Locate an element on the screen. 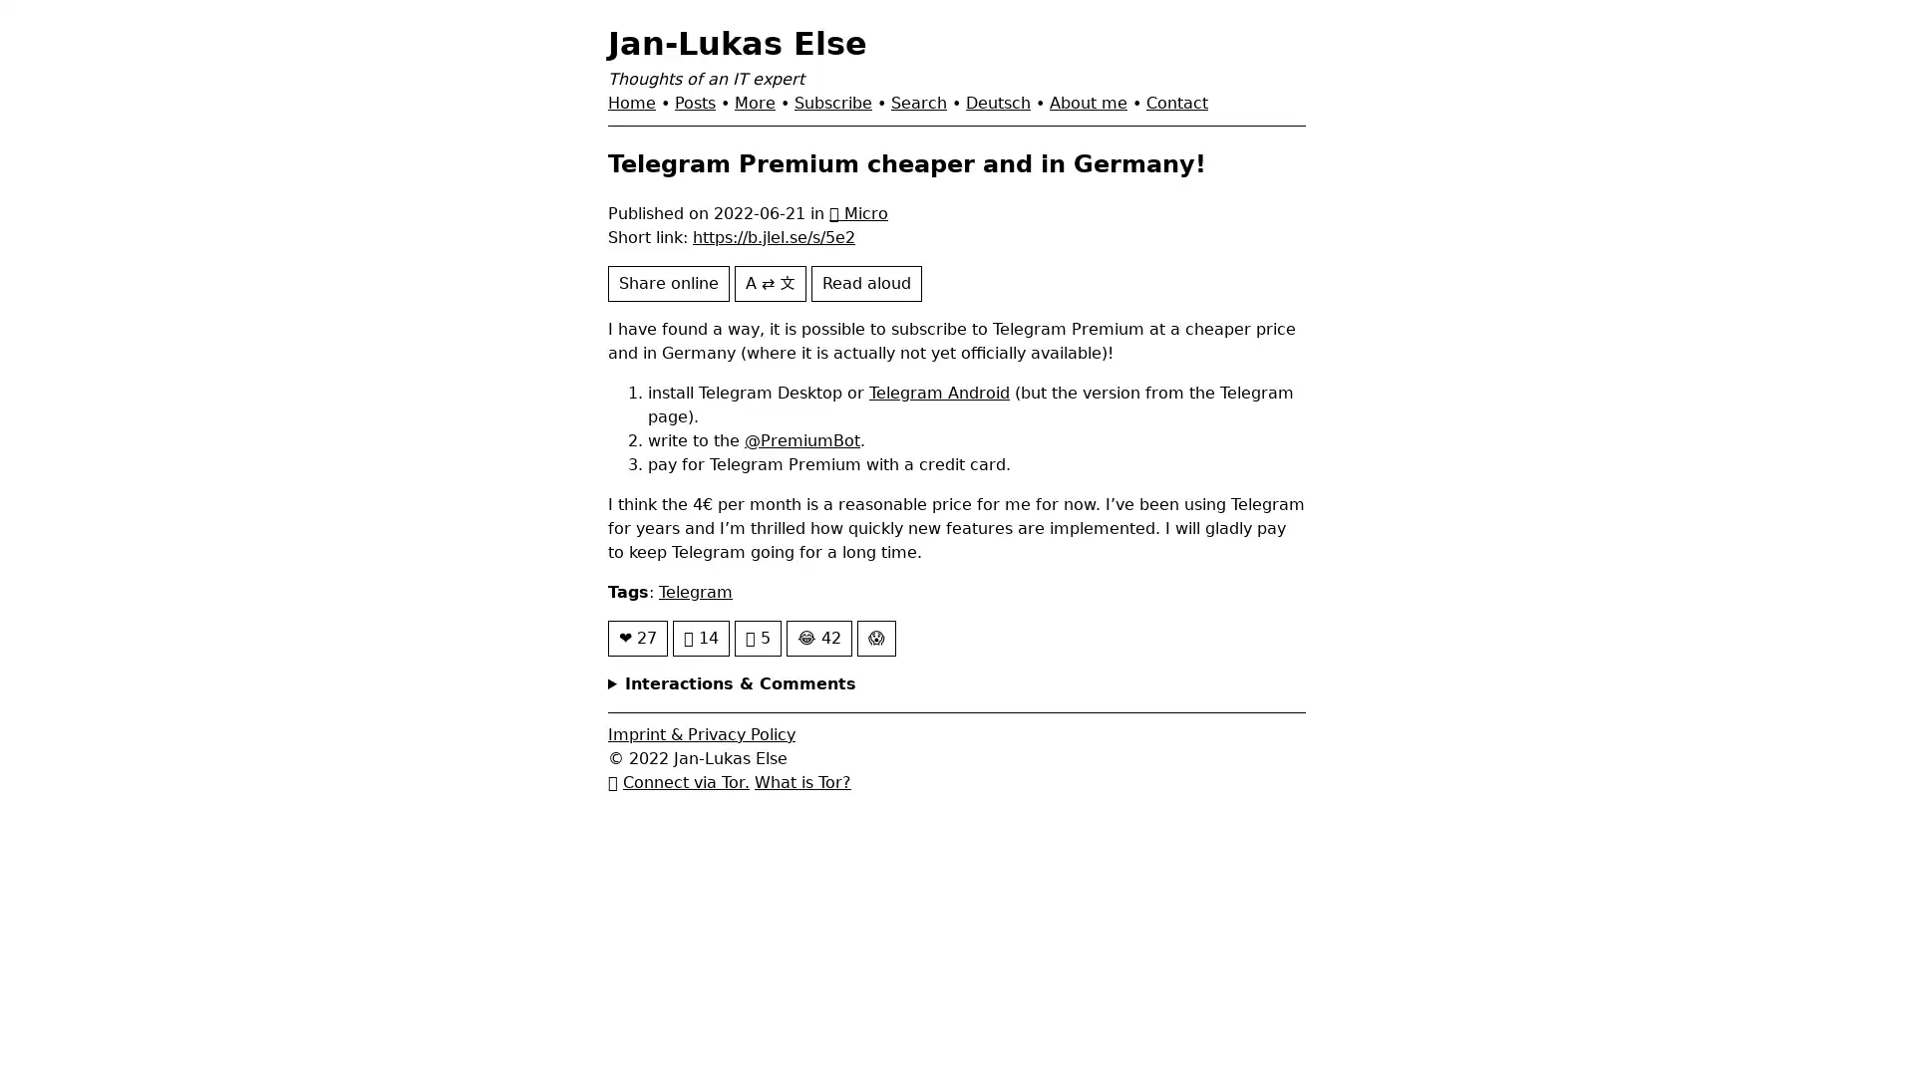  27 is located at coordinates (636, 638).